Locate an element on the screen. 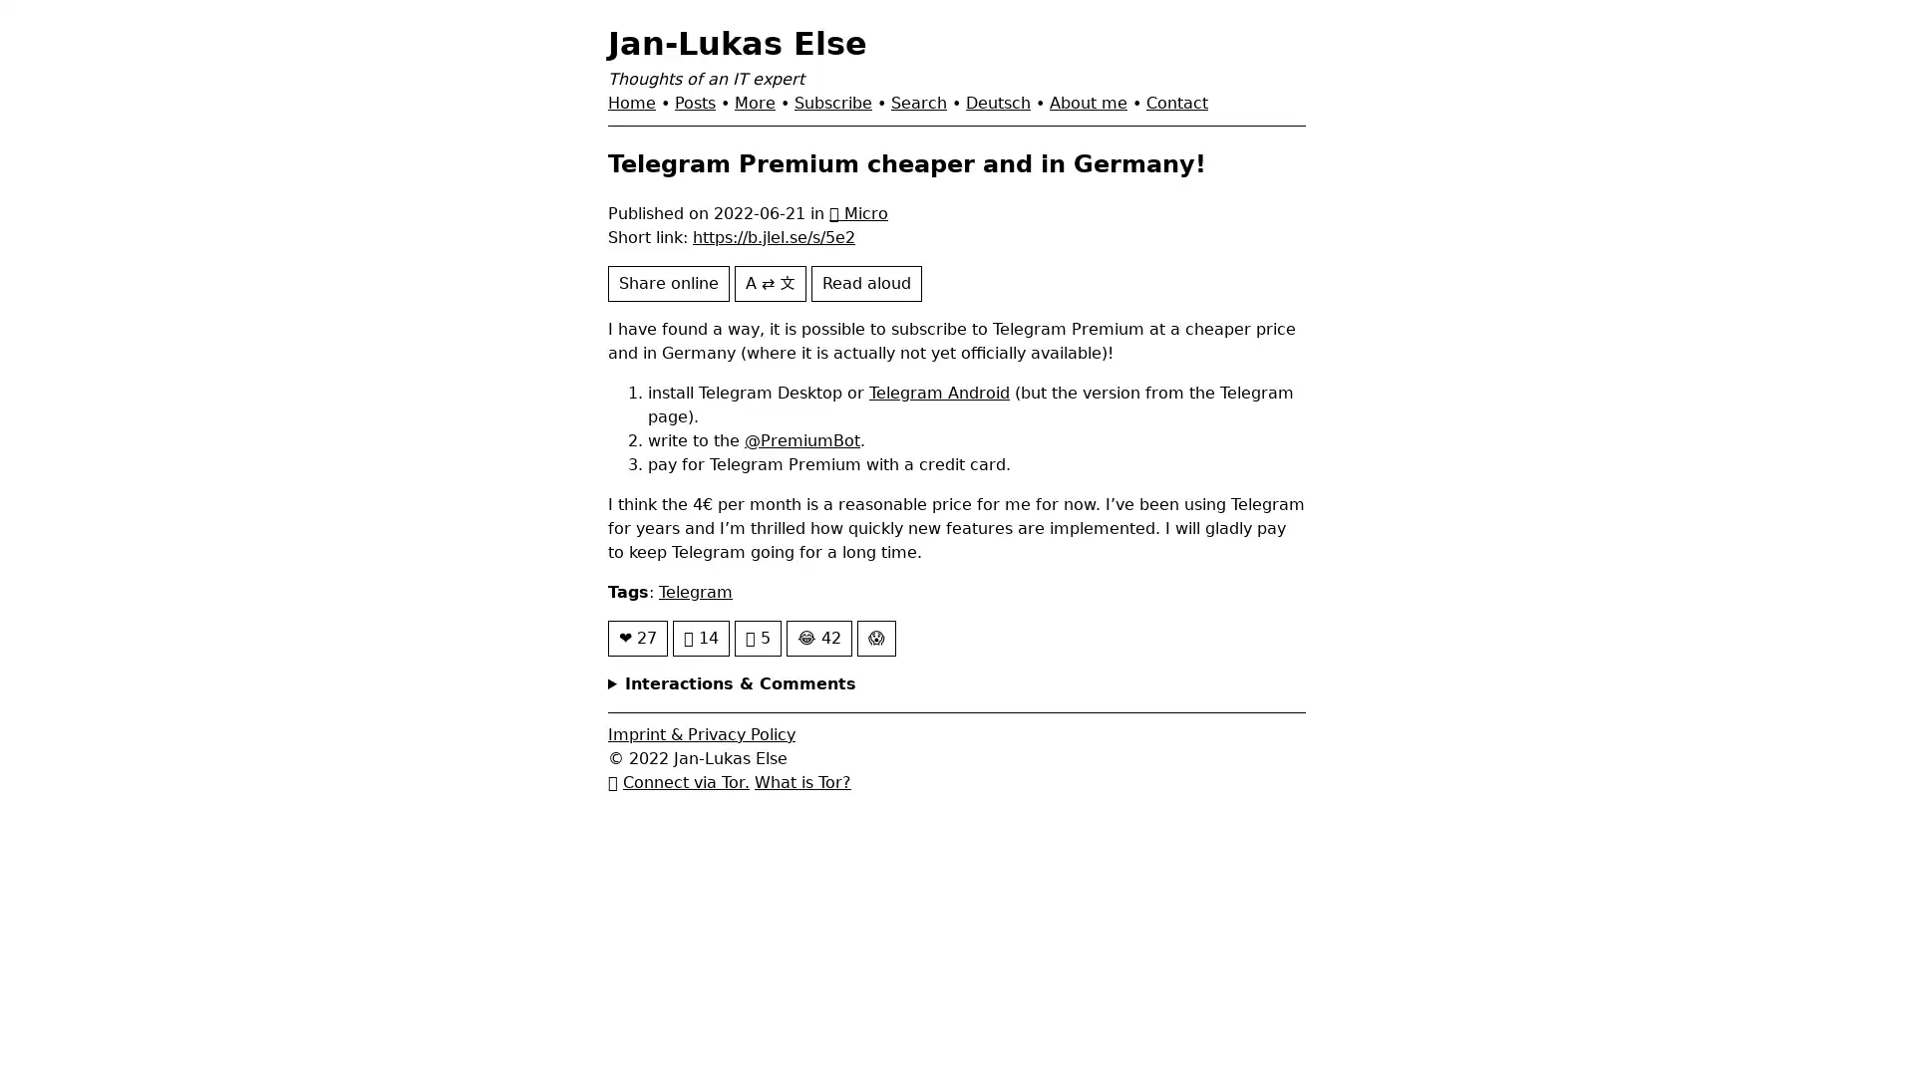  27 is located at coordinates (636, 638).